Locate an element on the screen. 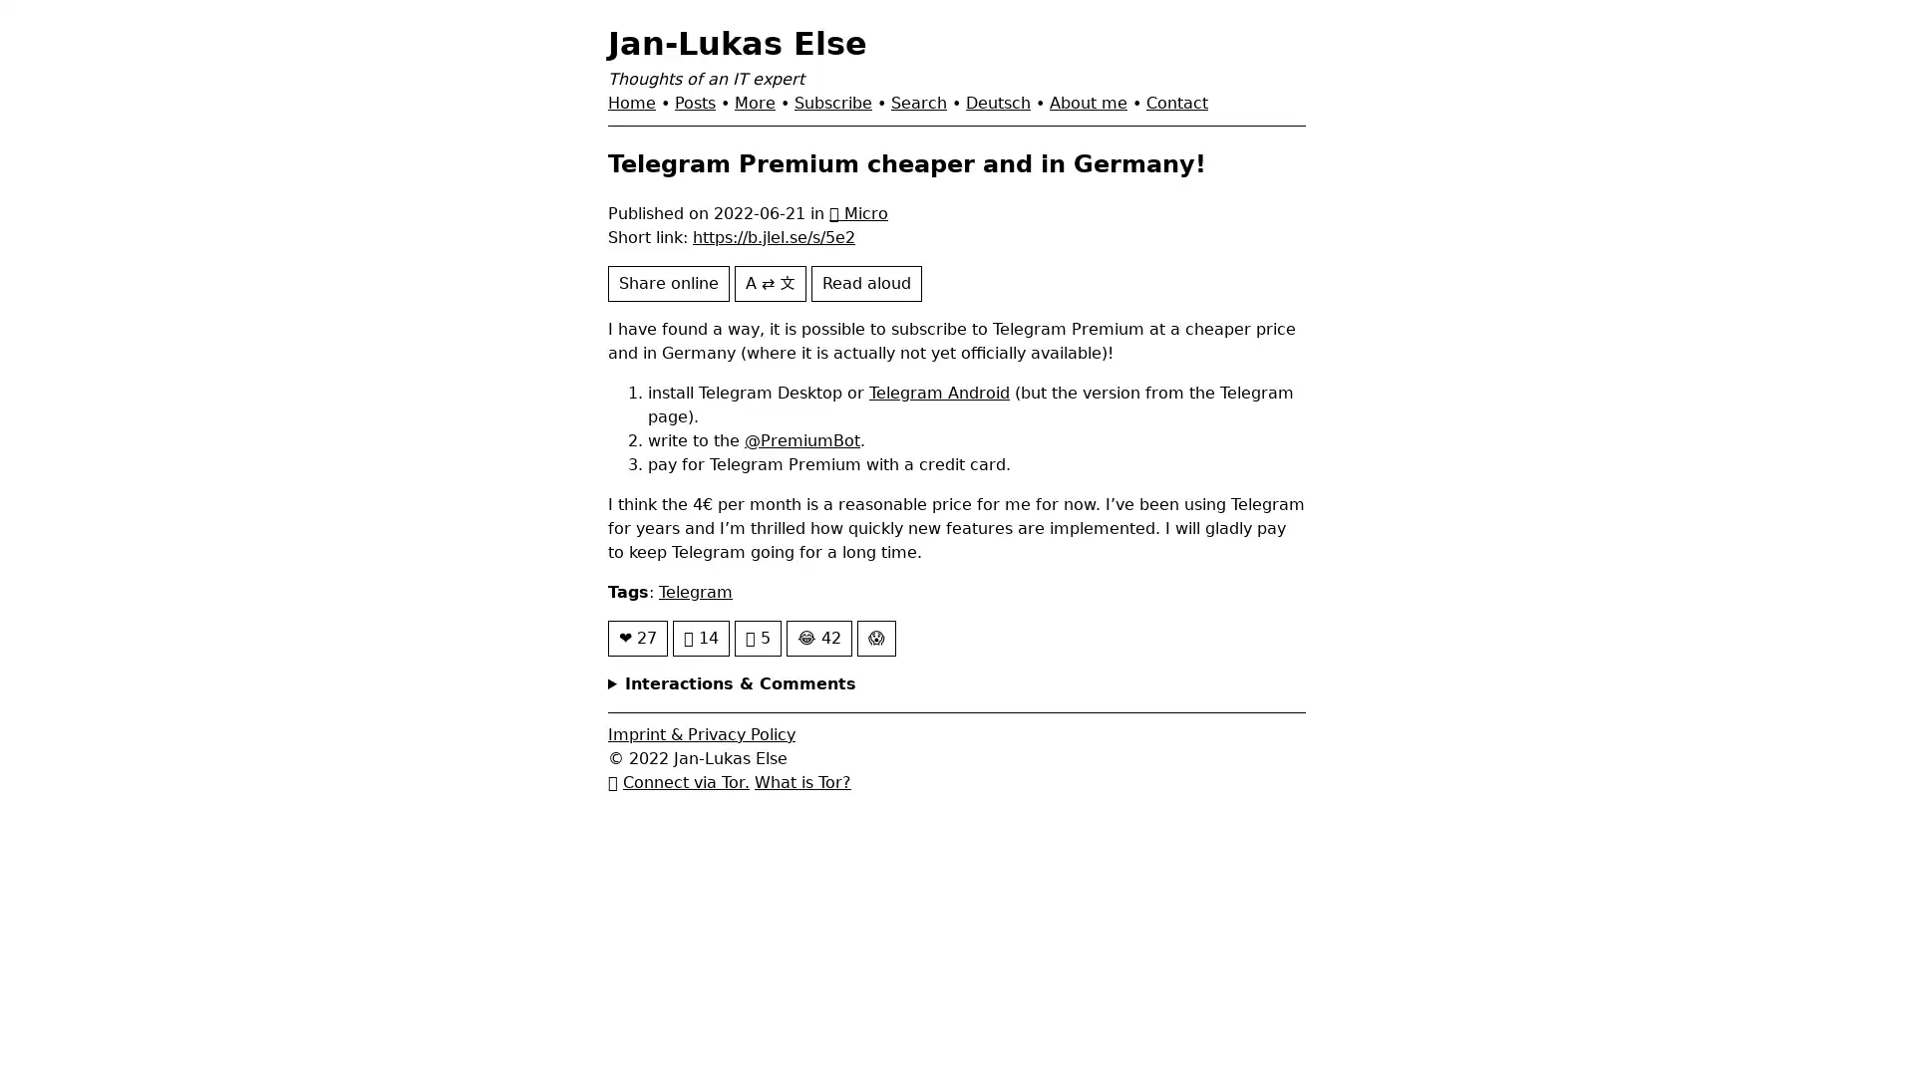  27 is located at coordinates (636, 638).